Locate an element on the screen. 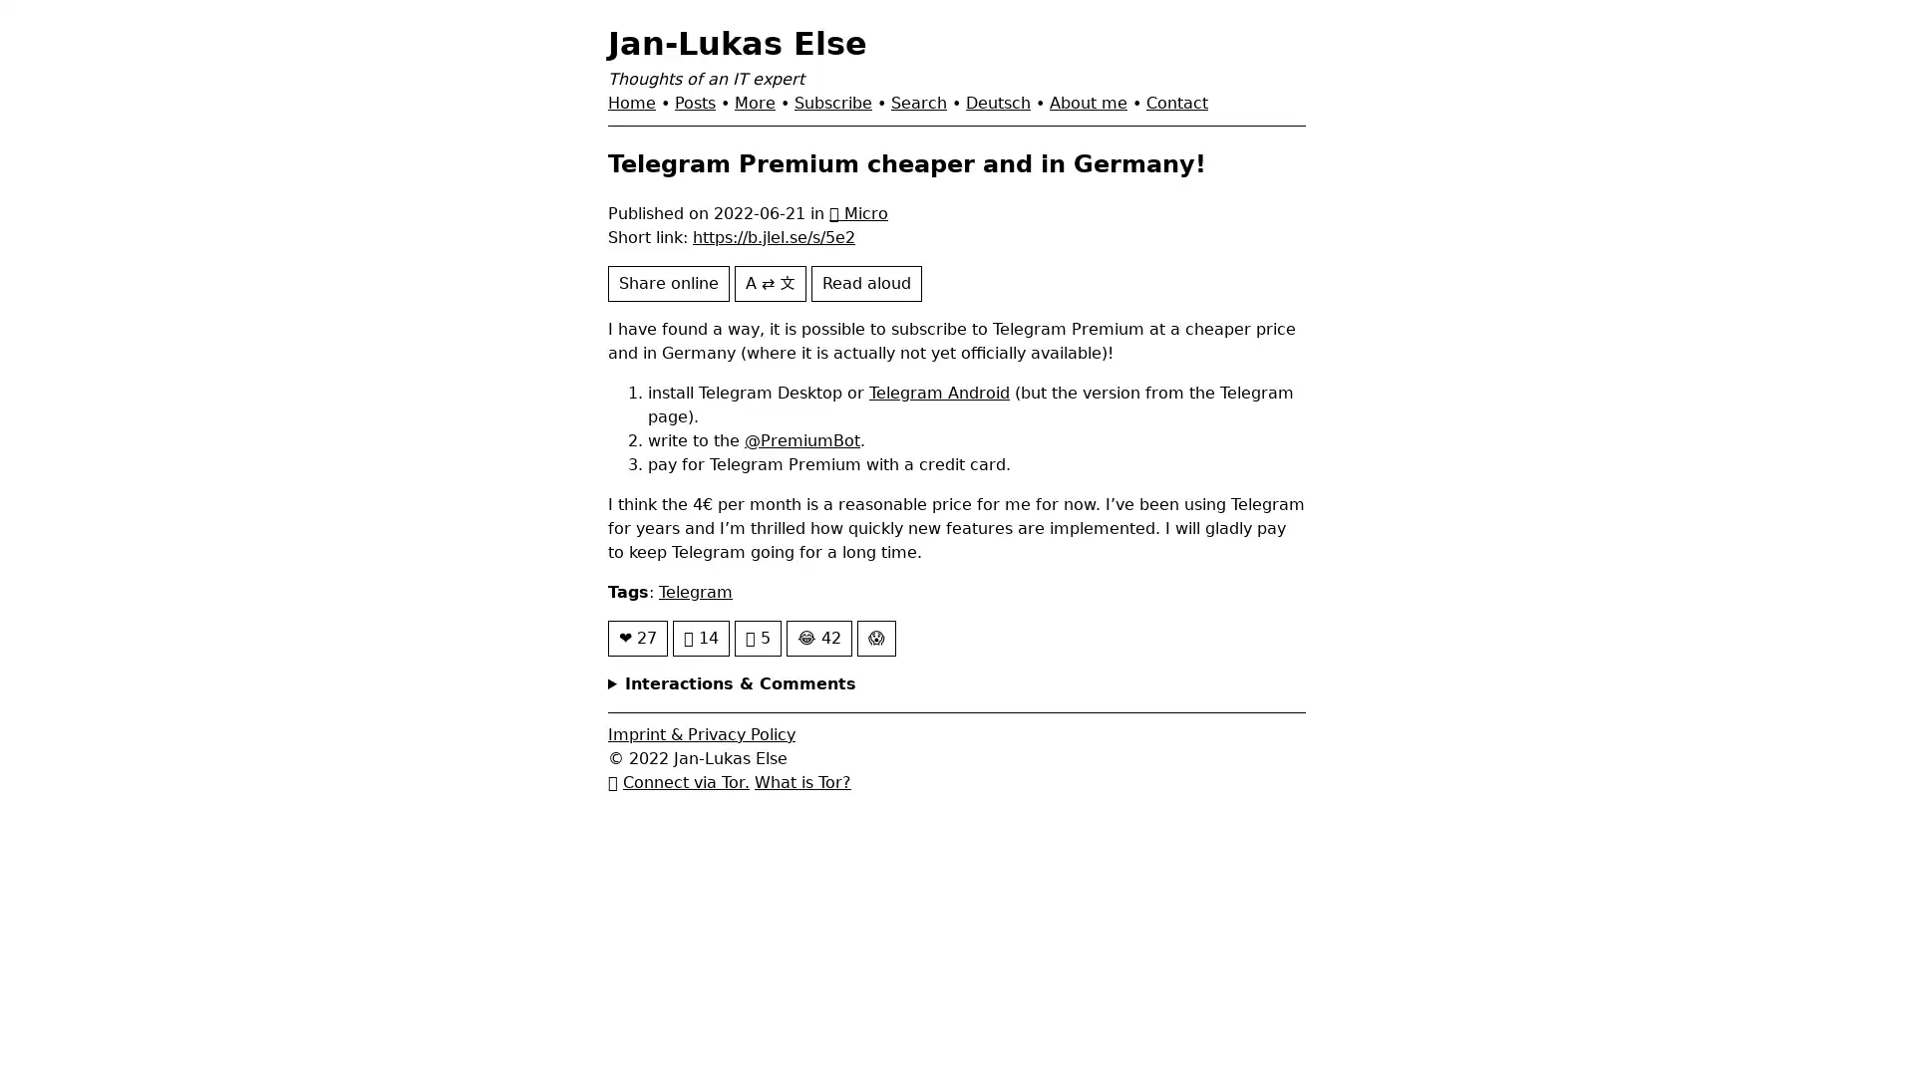  27 is located at coordinates (636, 638).